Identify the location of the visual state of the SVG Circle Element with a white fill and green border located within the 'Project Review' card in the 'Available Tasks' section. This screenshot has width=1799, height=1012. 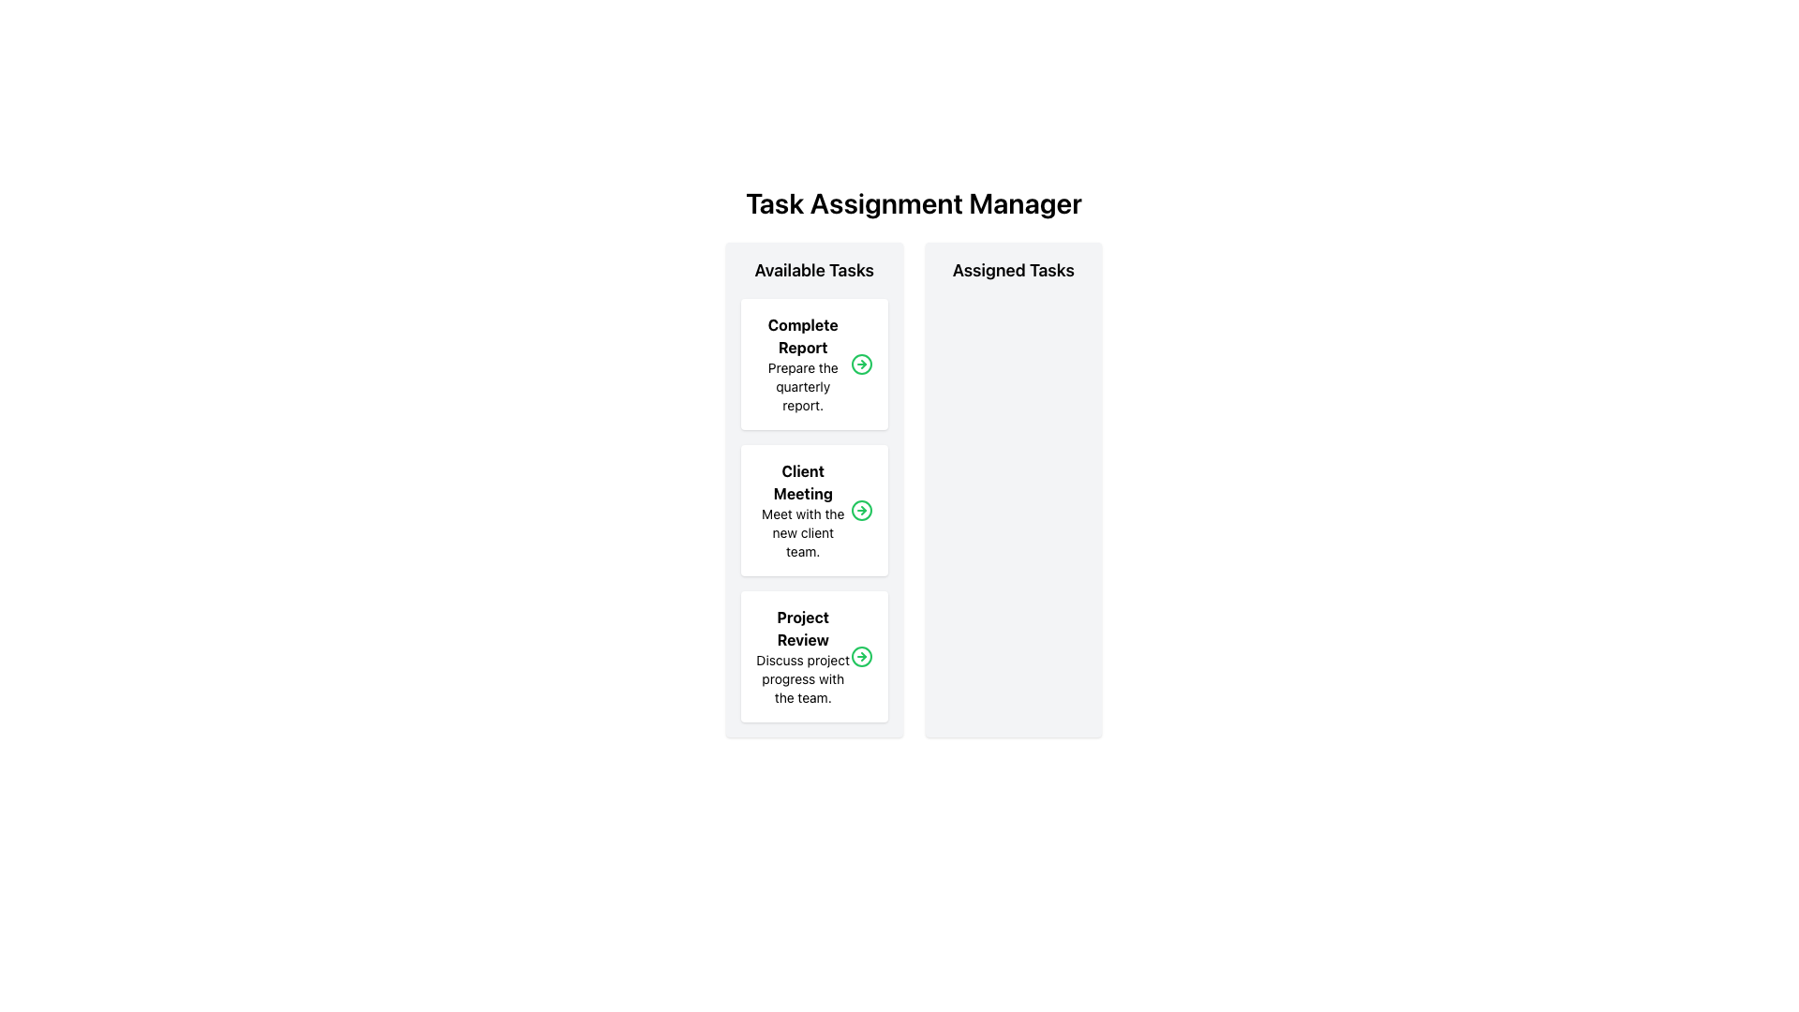
(860, 656).